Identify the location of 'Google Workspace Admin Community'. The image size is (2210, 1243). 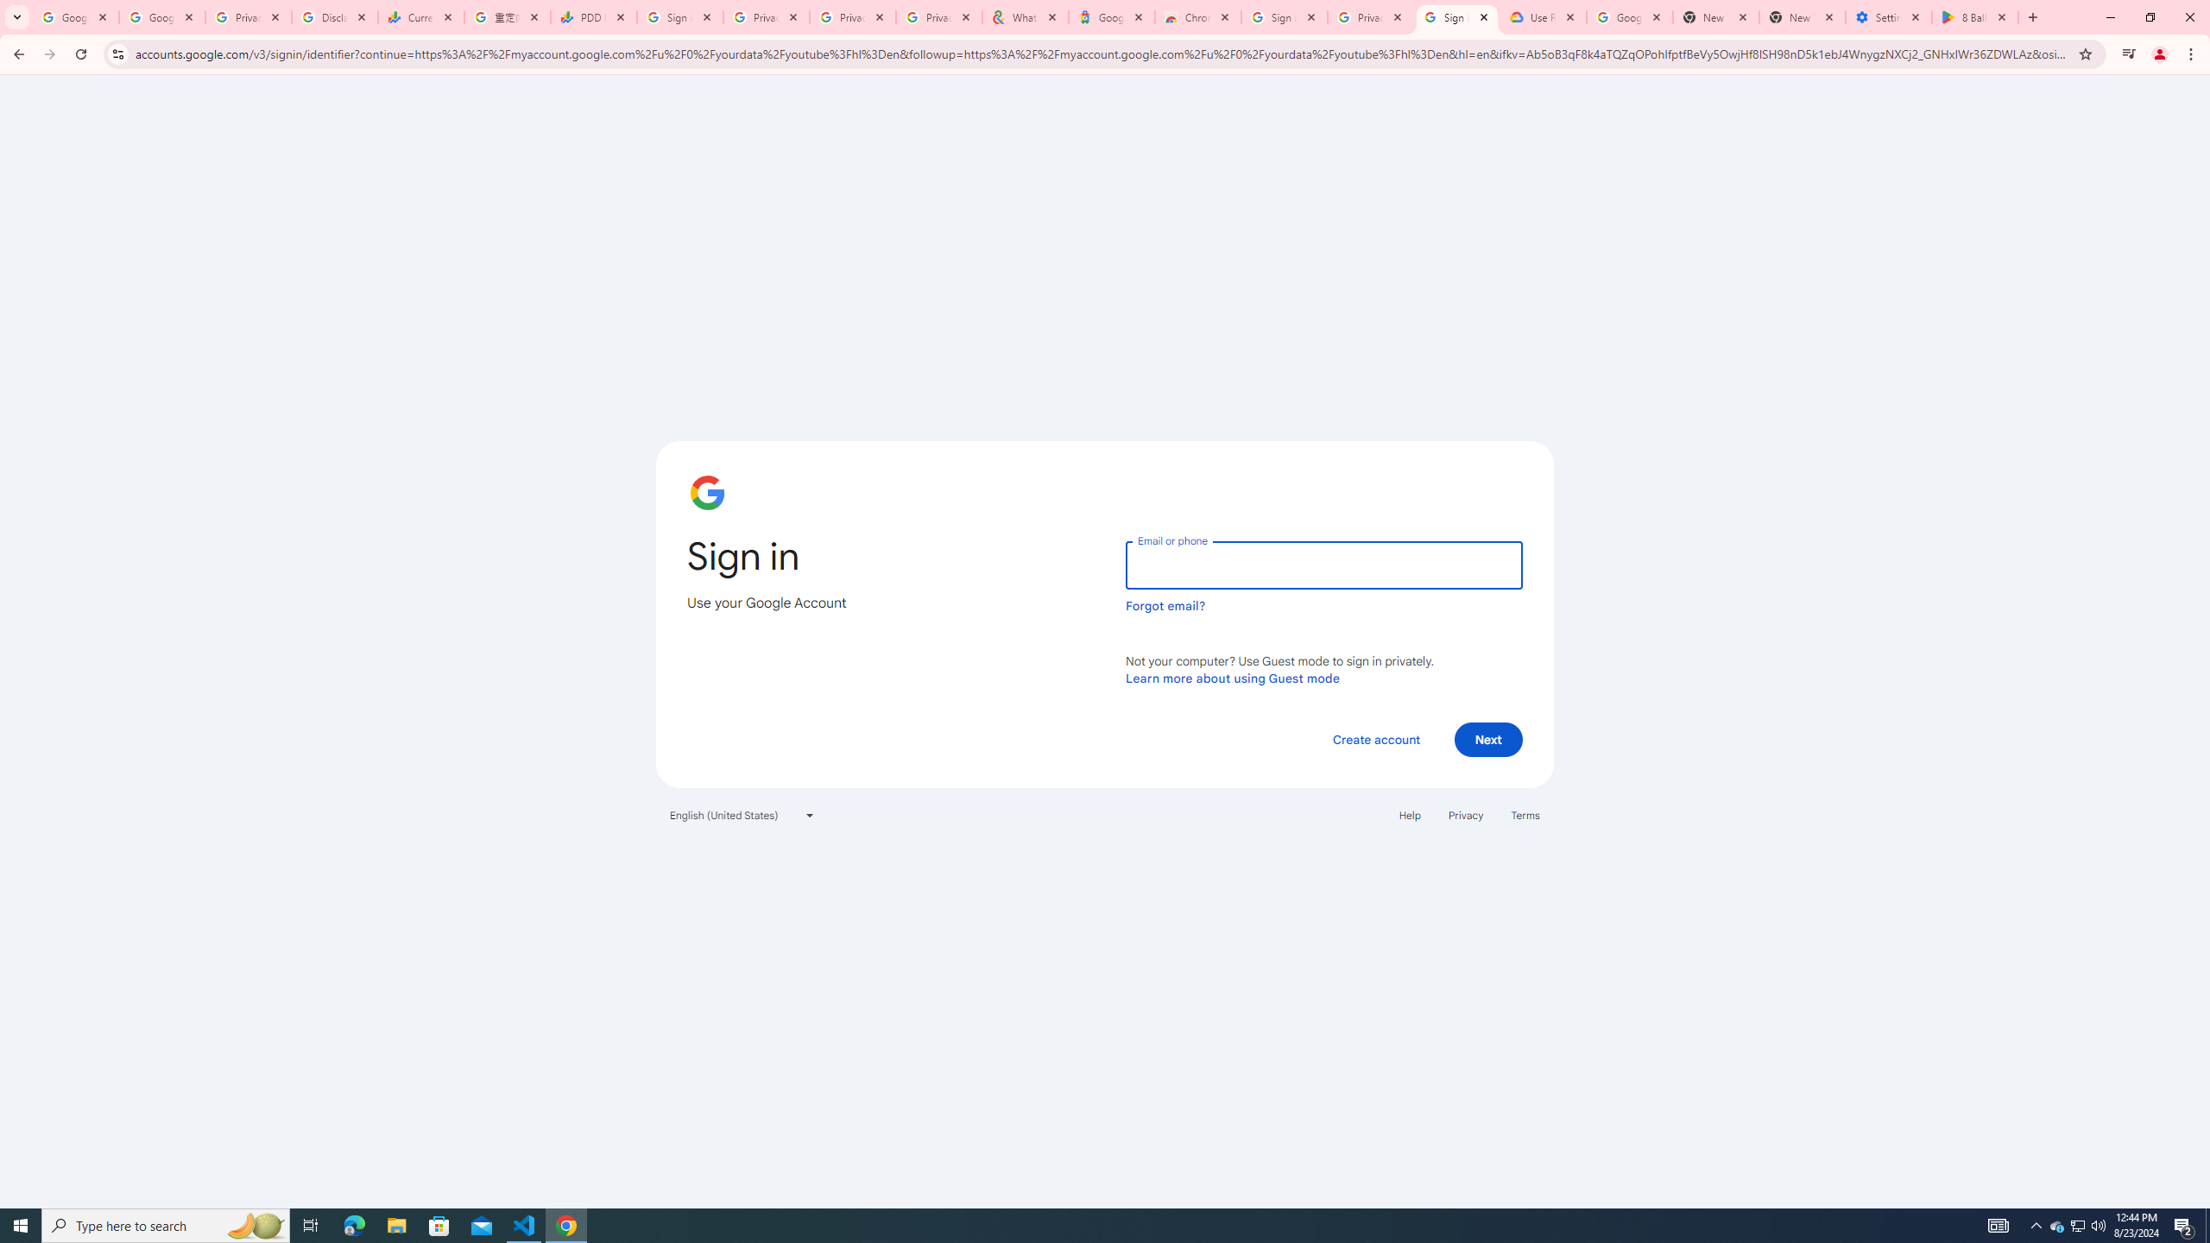
(74, 16).